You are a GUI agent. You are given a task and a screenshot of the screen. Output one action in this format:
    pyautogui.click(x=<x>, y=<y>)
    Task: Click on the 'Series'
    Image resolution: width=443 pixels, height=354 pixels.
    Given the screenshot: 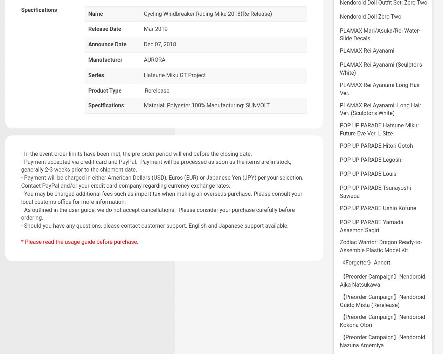 What is the action you would take?
    pyautogui.click(x=88, y=75)
    